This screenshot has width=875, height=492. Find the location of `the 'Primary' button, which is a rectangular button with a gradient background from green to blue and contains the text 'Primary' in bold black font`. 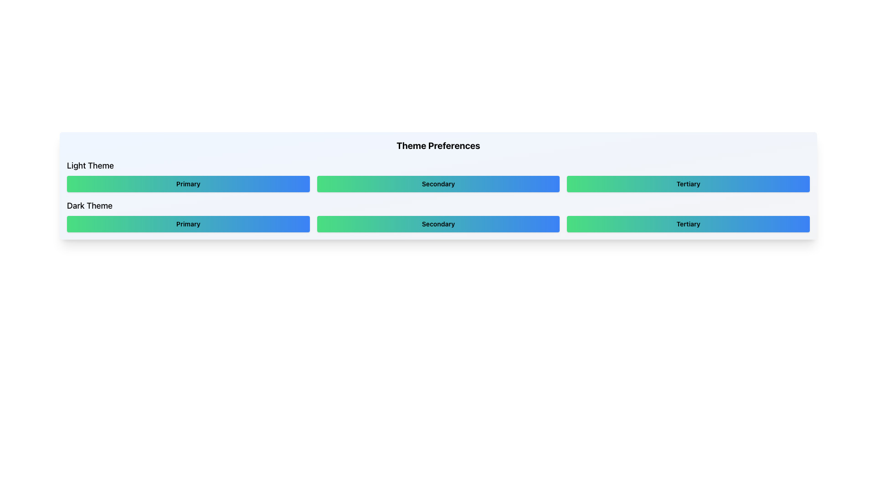

the 'Primary' button, which is a rectangular button with a gradient background from green to blue and contains the text 'Primary' in bold black font is located at coordinates (188, 184).